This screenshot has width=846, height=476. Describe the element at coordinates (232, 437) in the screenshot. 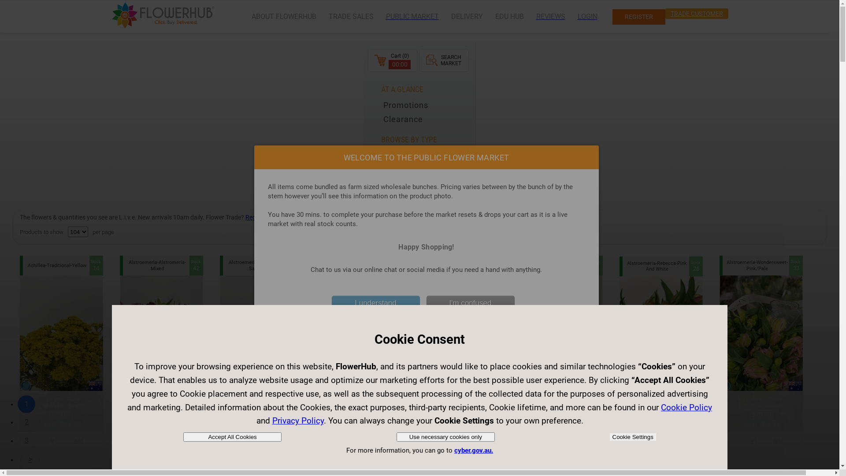

I see `'Accept All Cookies'` at that location.